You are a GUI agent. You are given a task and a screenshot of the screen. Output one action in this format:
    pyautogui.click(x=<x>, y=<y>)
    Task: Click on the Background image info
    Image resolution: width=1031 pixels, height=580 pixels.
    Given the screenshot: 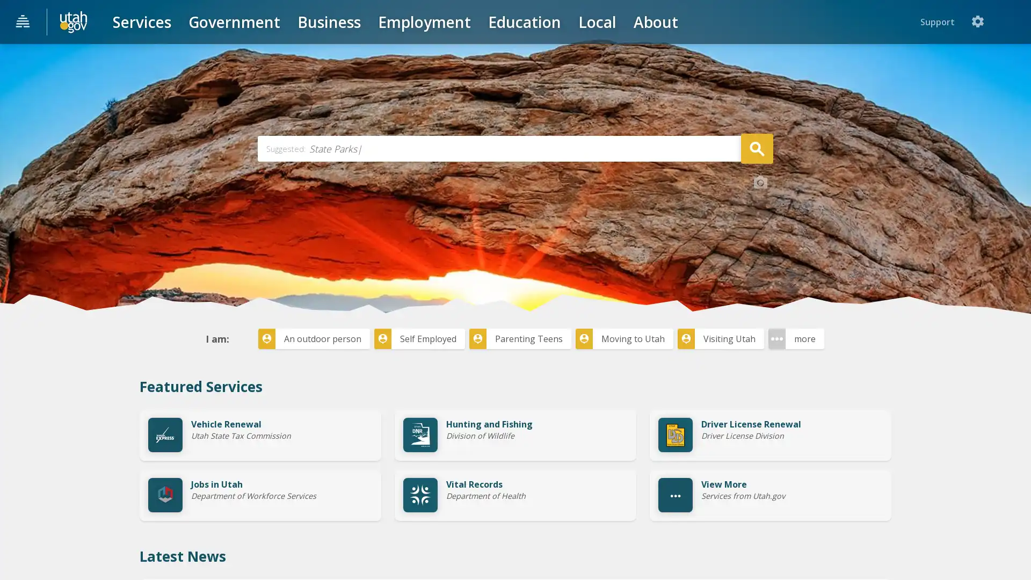 What is the action you would take?
    pyautogui.click(x=760, y=263)
    